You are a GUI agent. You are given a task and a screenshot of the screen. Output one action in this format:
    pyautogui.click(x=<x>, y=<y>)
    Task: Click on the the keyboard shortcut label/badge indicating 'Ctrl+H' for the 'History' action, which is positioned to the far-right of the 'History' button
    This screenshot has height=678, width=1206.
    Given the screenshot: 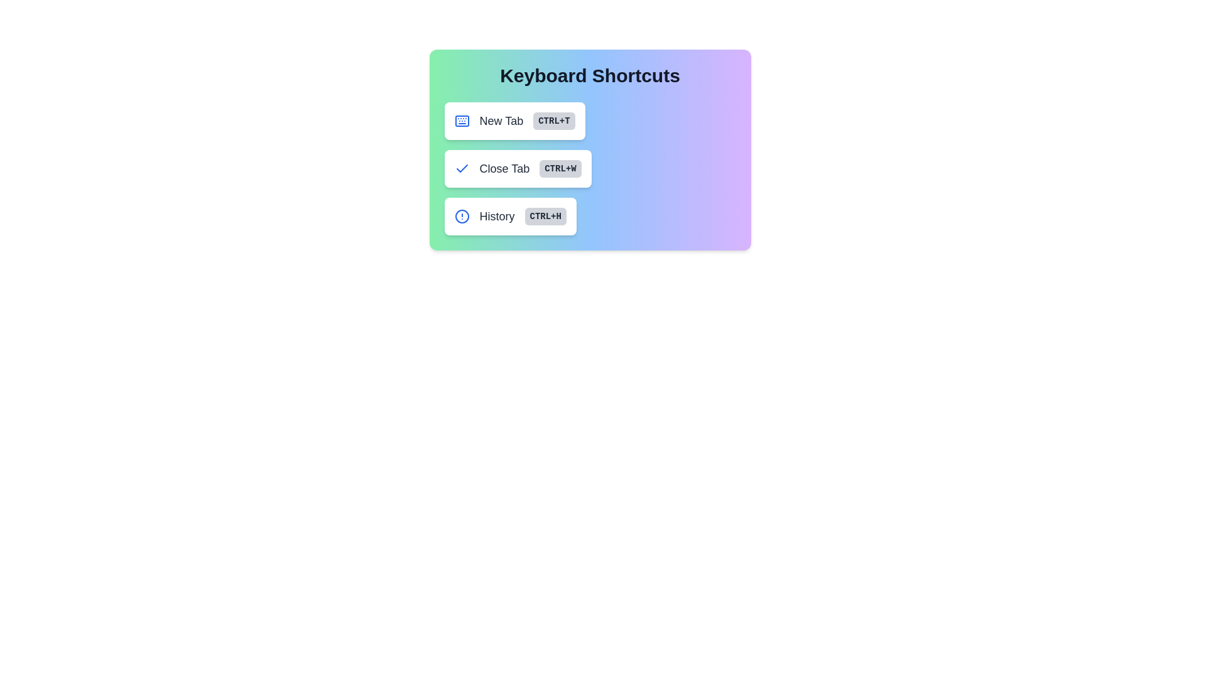 What is the action you would take?
    pyautogui.click(x=545, y=215)
    